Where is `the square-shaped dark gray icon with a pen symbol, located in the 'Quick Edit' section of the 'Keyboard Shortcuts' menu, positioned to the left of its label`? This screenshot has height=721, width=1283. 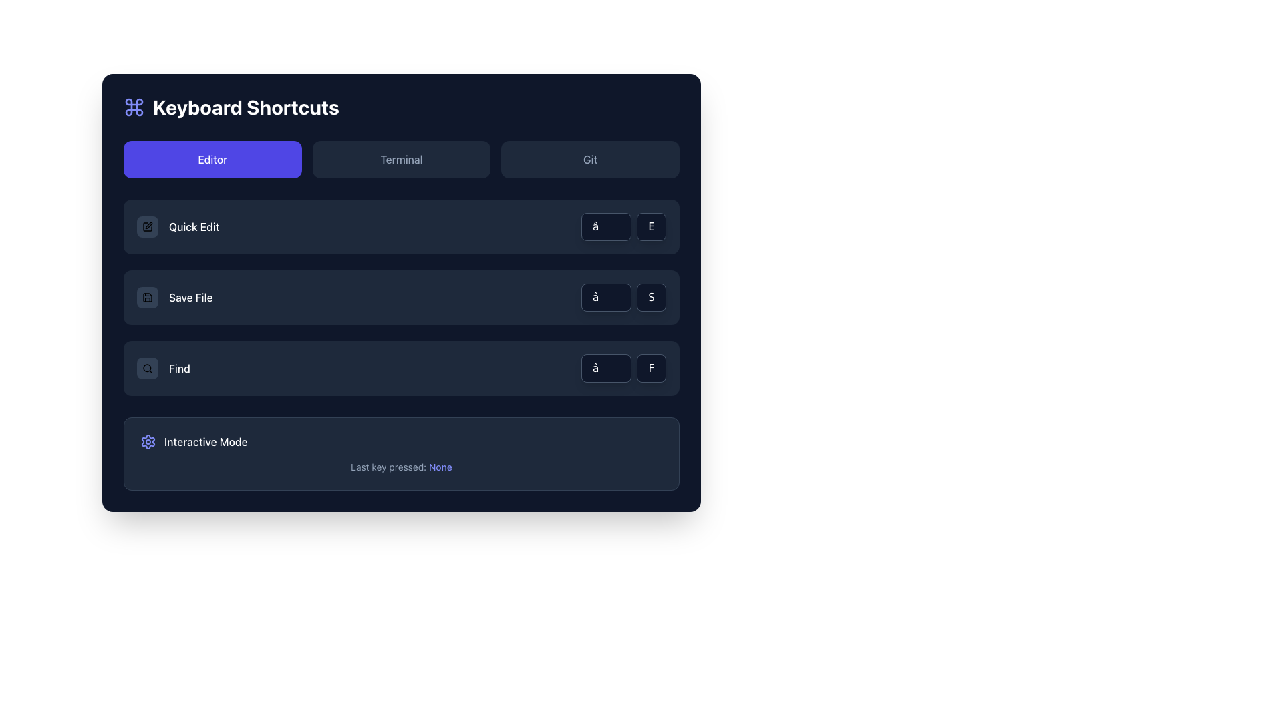
the square-shaped dark gray icon with a pen symbol, located in the 'Quick Edit' section of the 'Keyboard Shortcuts' menu, positioned to the left of its label is located at coordinates (147, 226).